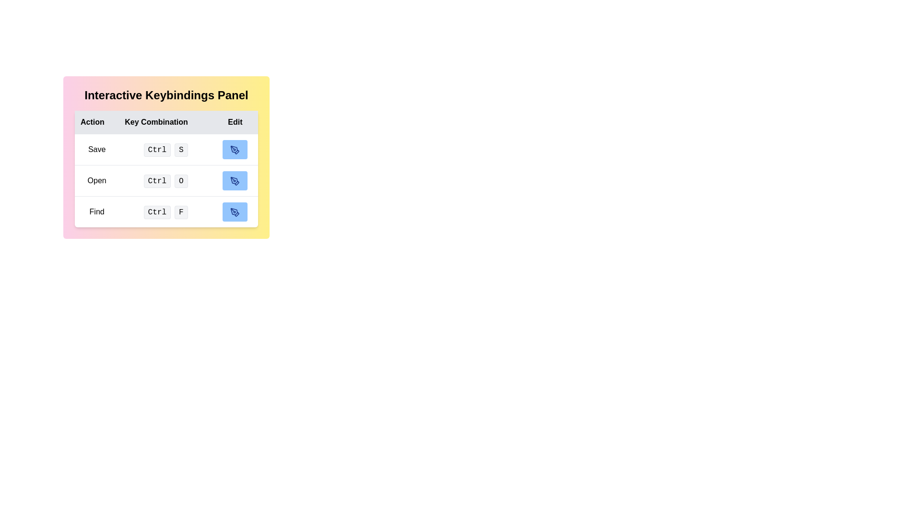 The height and width of the screenshot is (518, 921). I want to click on the blue pen tool icon located in the 'Edit' column of the 'Find' row within the Interactive Keybindings Panel to initiate an edit action, so click(235, 212).